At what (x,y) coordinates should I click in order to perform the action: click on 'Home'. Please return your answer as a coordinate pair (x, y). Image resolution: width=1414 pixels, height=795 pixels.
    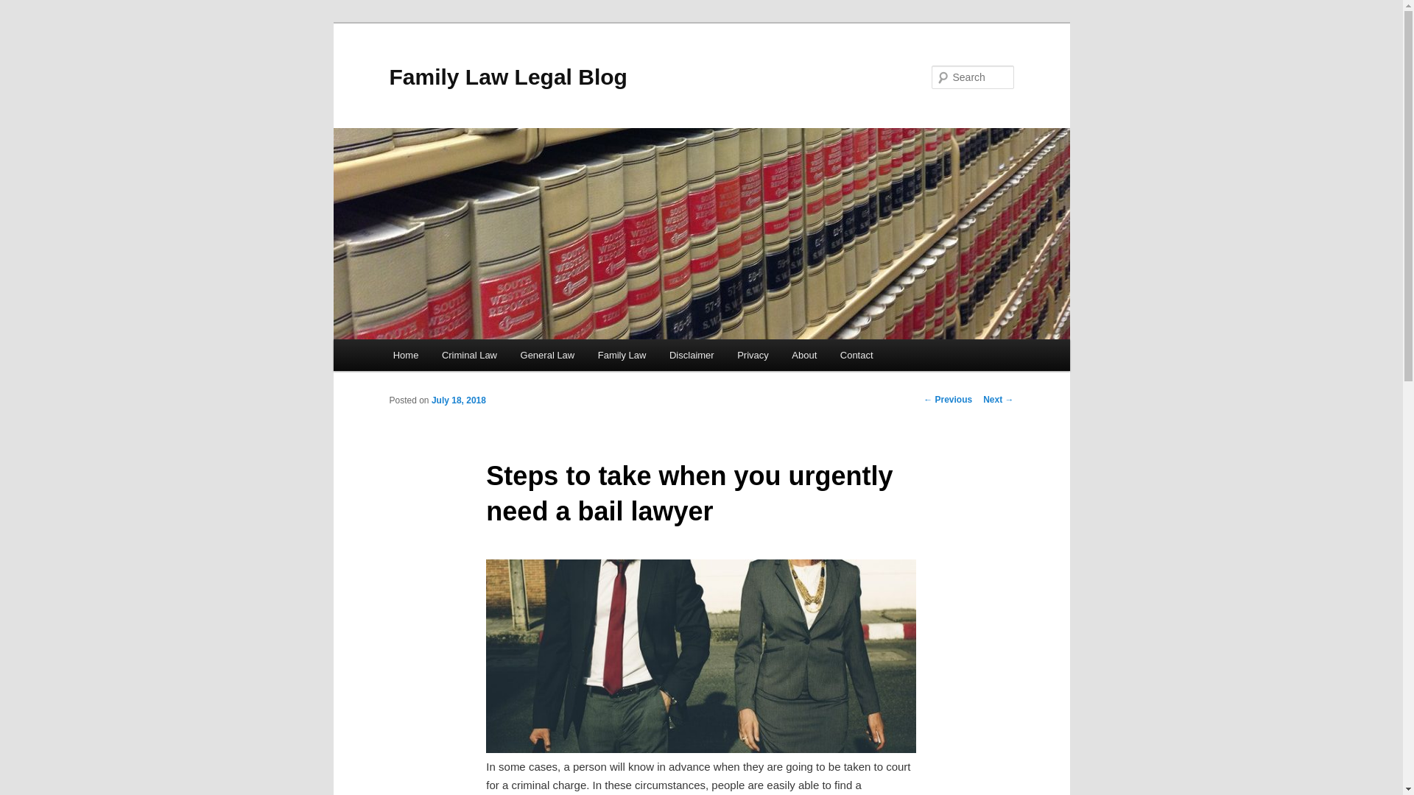
    Looking at the image, I should click on (406, 355).